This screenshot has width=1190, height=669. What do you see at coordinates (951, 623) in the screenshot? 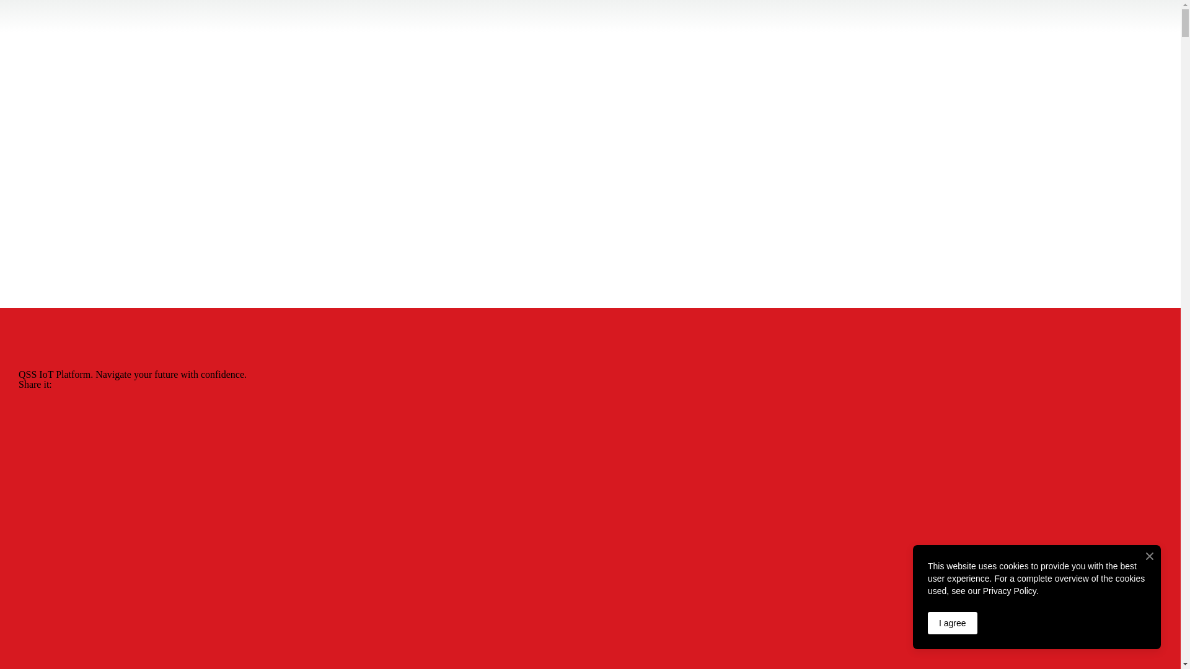
I see `'I agree'` at bounding box center [951, 623].